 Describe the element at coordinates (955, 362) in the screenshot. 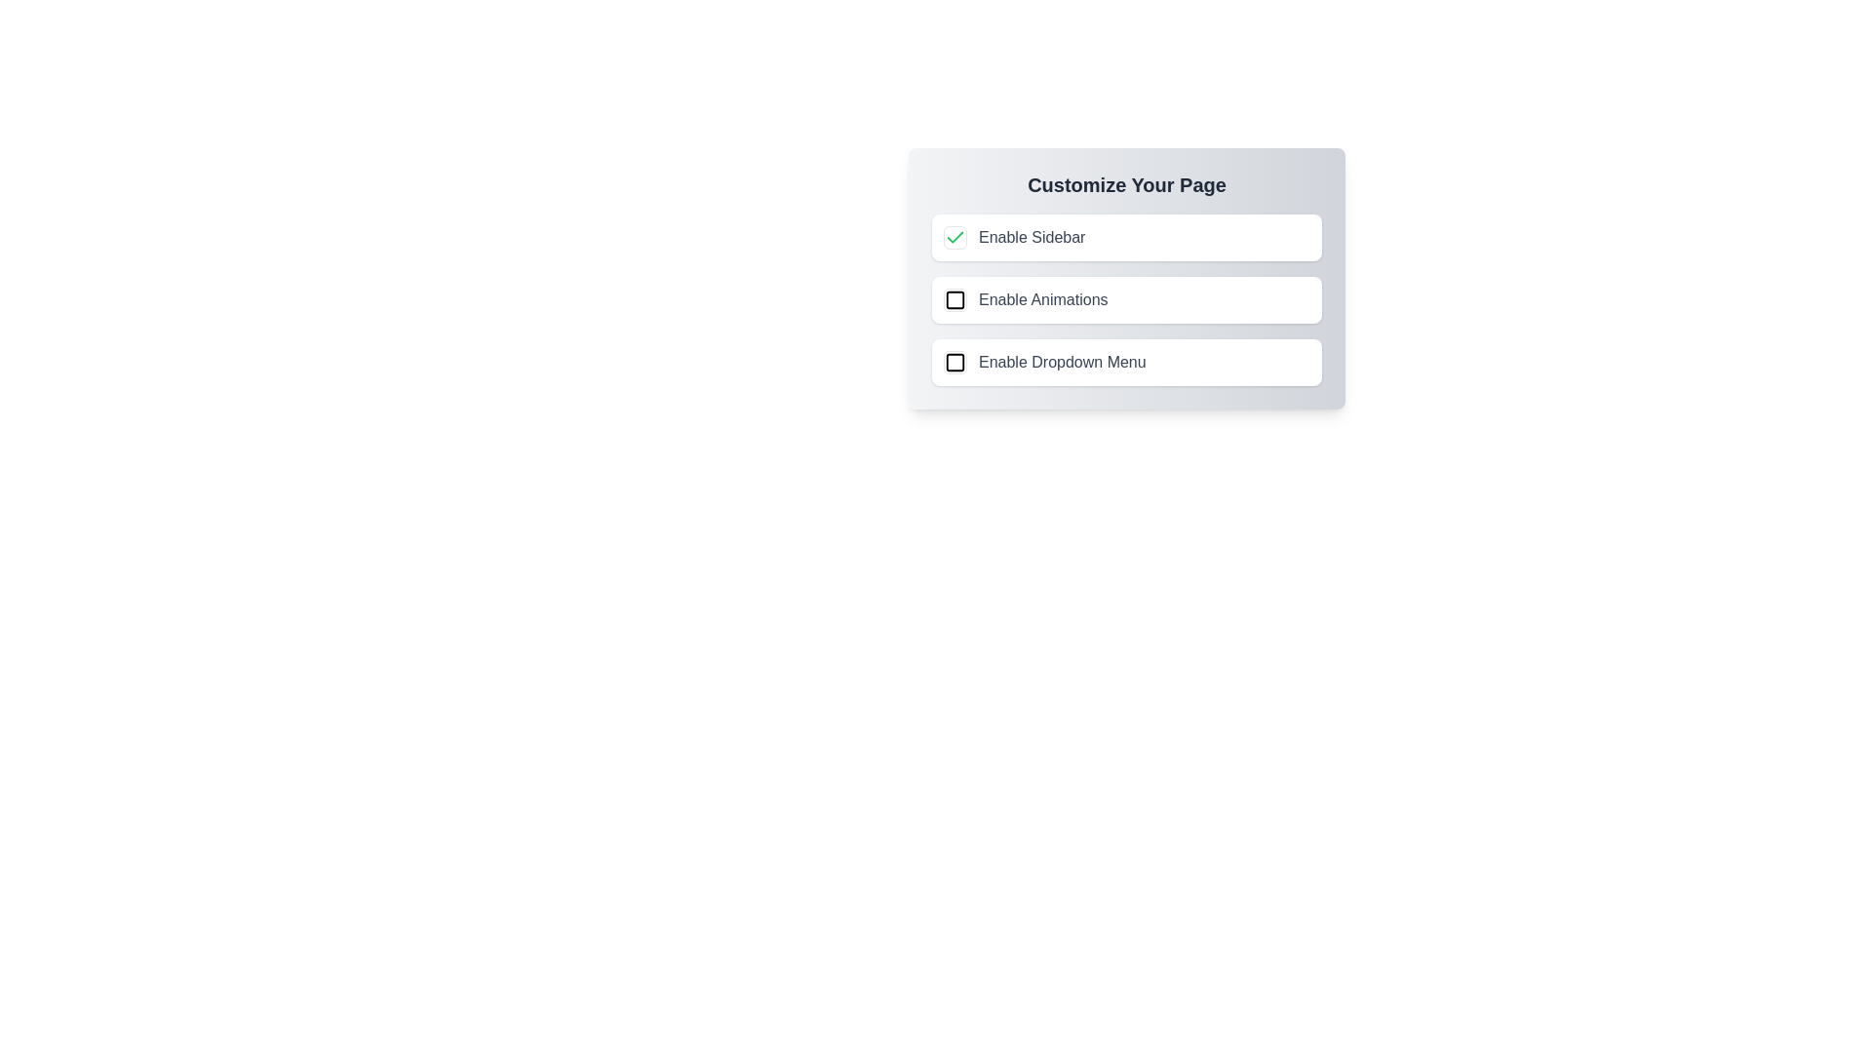

I see `the square icon within the 'Enable Dropdown Menu' button, which is the third option in the settings list` at that location.